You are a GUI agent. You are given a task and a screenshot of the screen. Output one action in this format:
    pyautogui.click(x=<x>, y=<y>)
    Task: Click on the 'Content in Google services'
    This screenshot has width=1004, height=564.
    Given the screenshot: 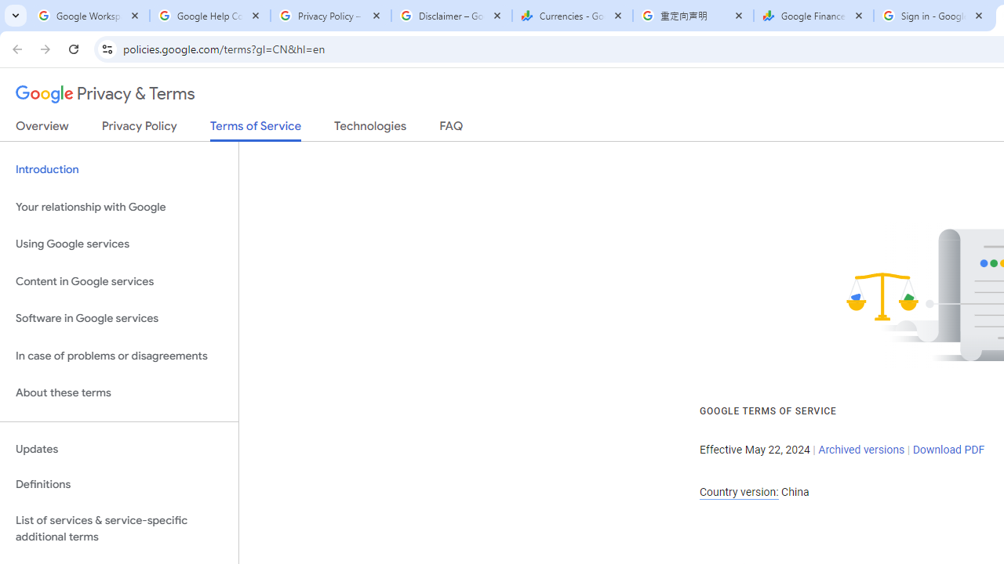 What is the action you would take?
    pyautogui.click(x=118, y=280)
    